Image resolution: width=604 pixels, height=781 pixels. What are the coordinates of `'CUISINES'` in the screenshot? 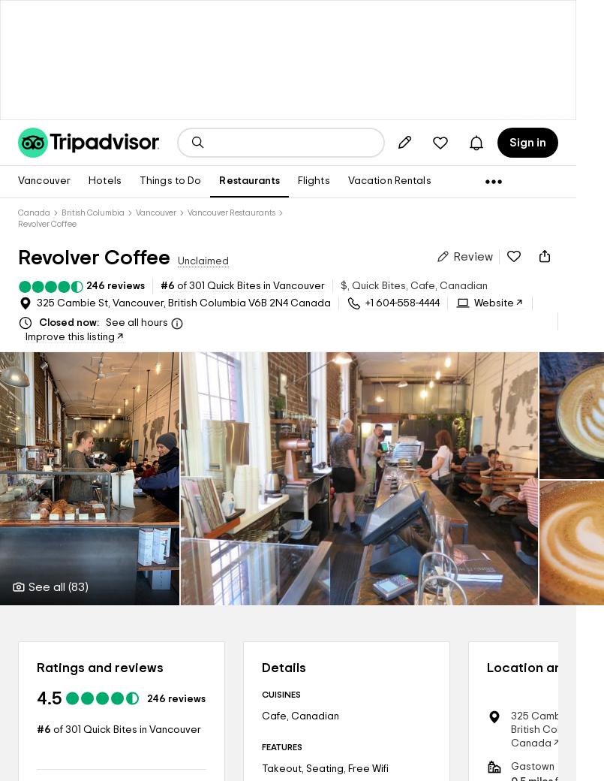 It's located at (261, 694).